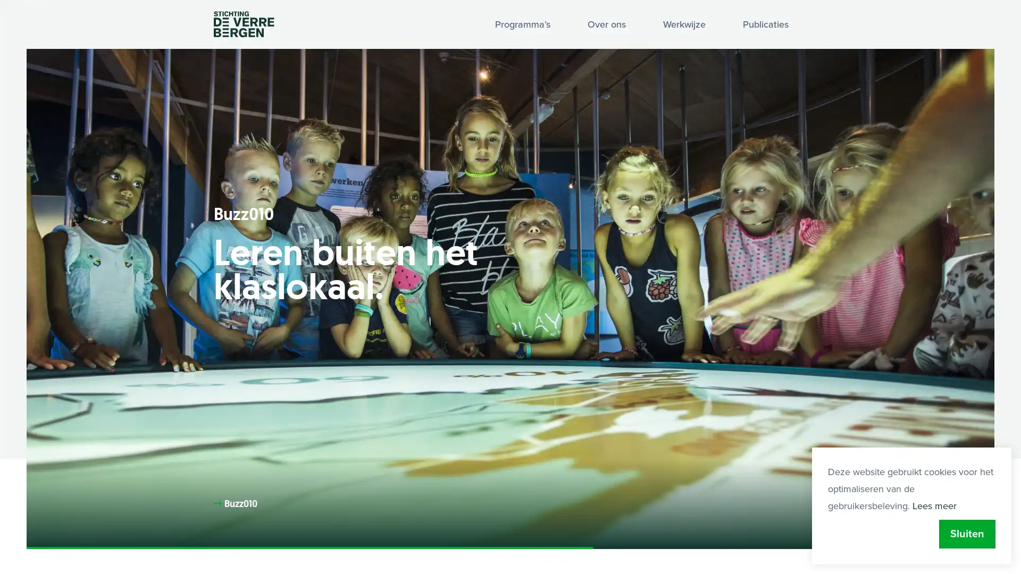 This screenshot has height=574, width=1021. Describe the element at coordinates (934, 505) in the screenshot. I see `learn more about cookies` at that location.